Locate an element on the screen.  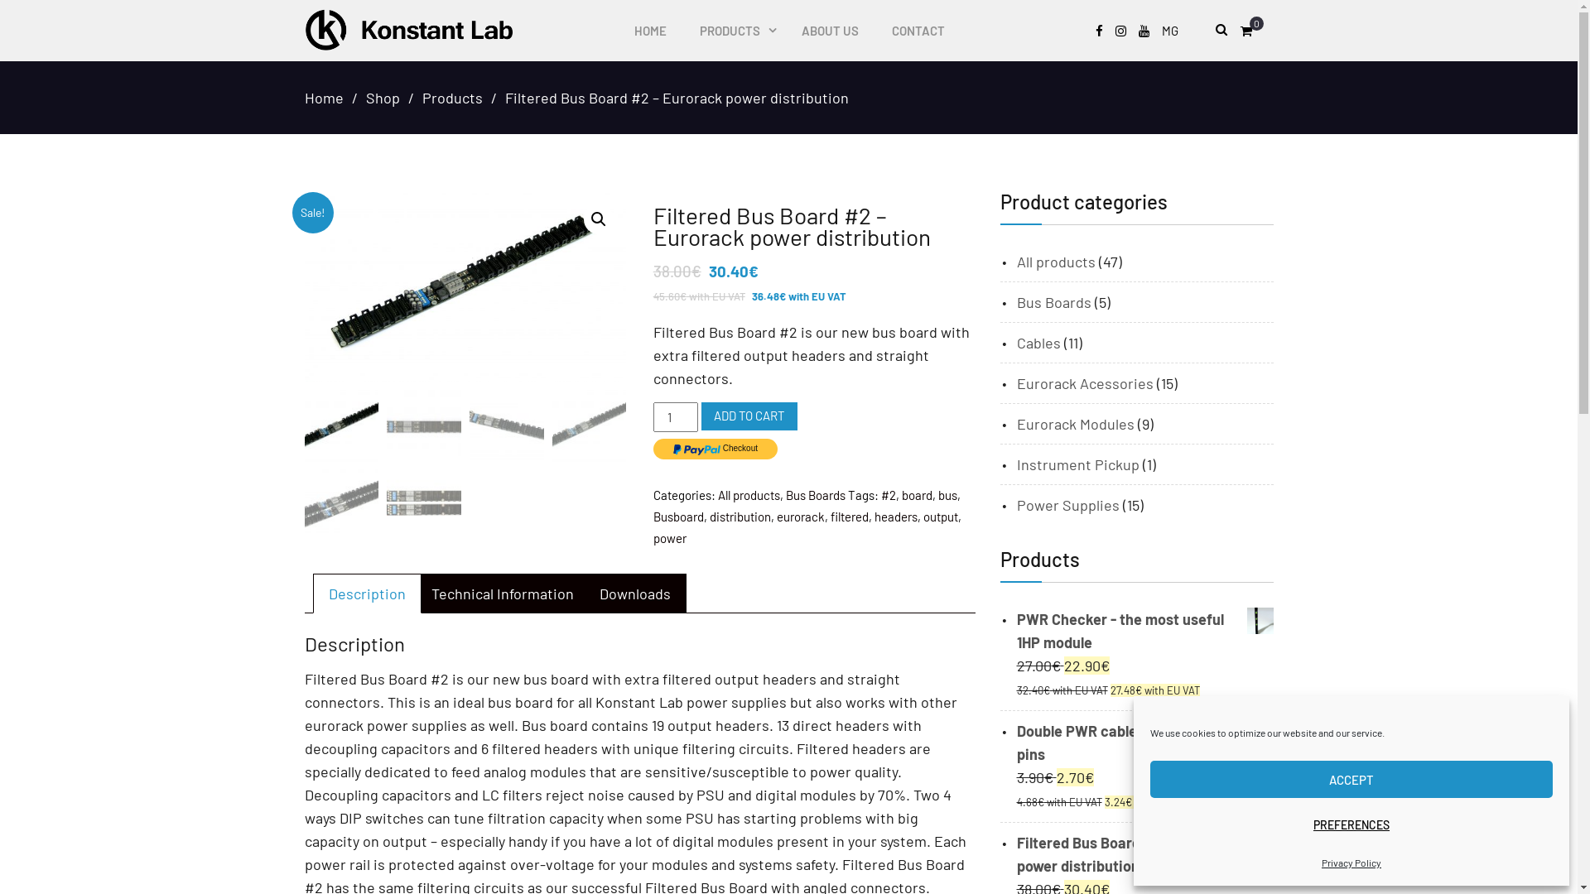
'eurorack' is located at coordinates (775, 516).